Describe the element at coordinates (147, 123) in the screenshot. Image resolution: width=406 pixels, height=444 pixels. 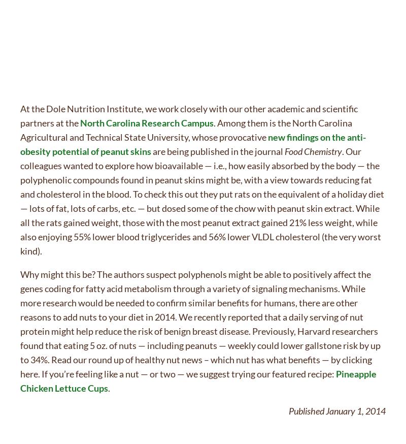
I see `'North Carolina Research Campus'` at that location.